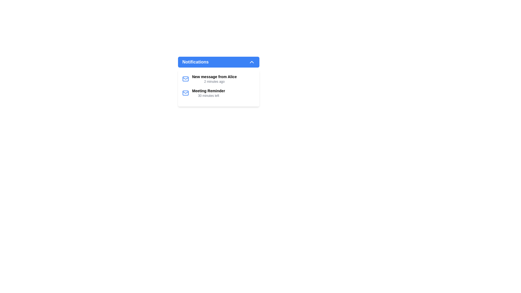 The height and width of the screenshot is (293, 521). I want to click on the first notification, so click(214, 79).